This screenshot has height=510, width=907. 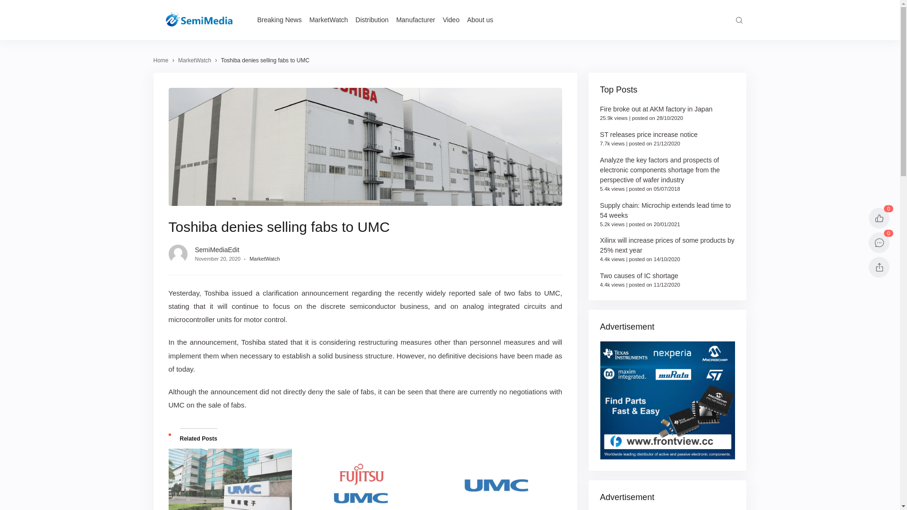 I want to click on 'Fire broke out at AKM factory in Japan', so click(x=599, y=109).